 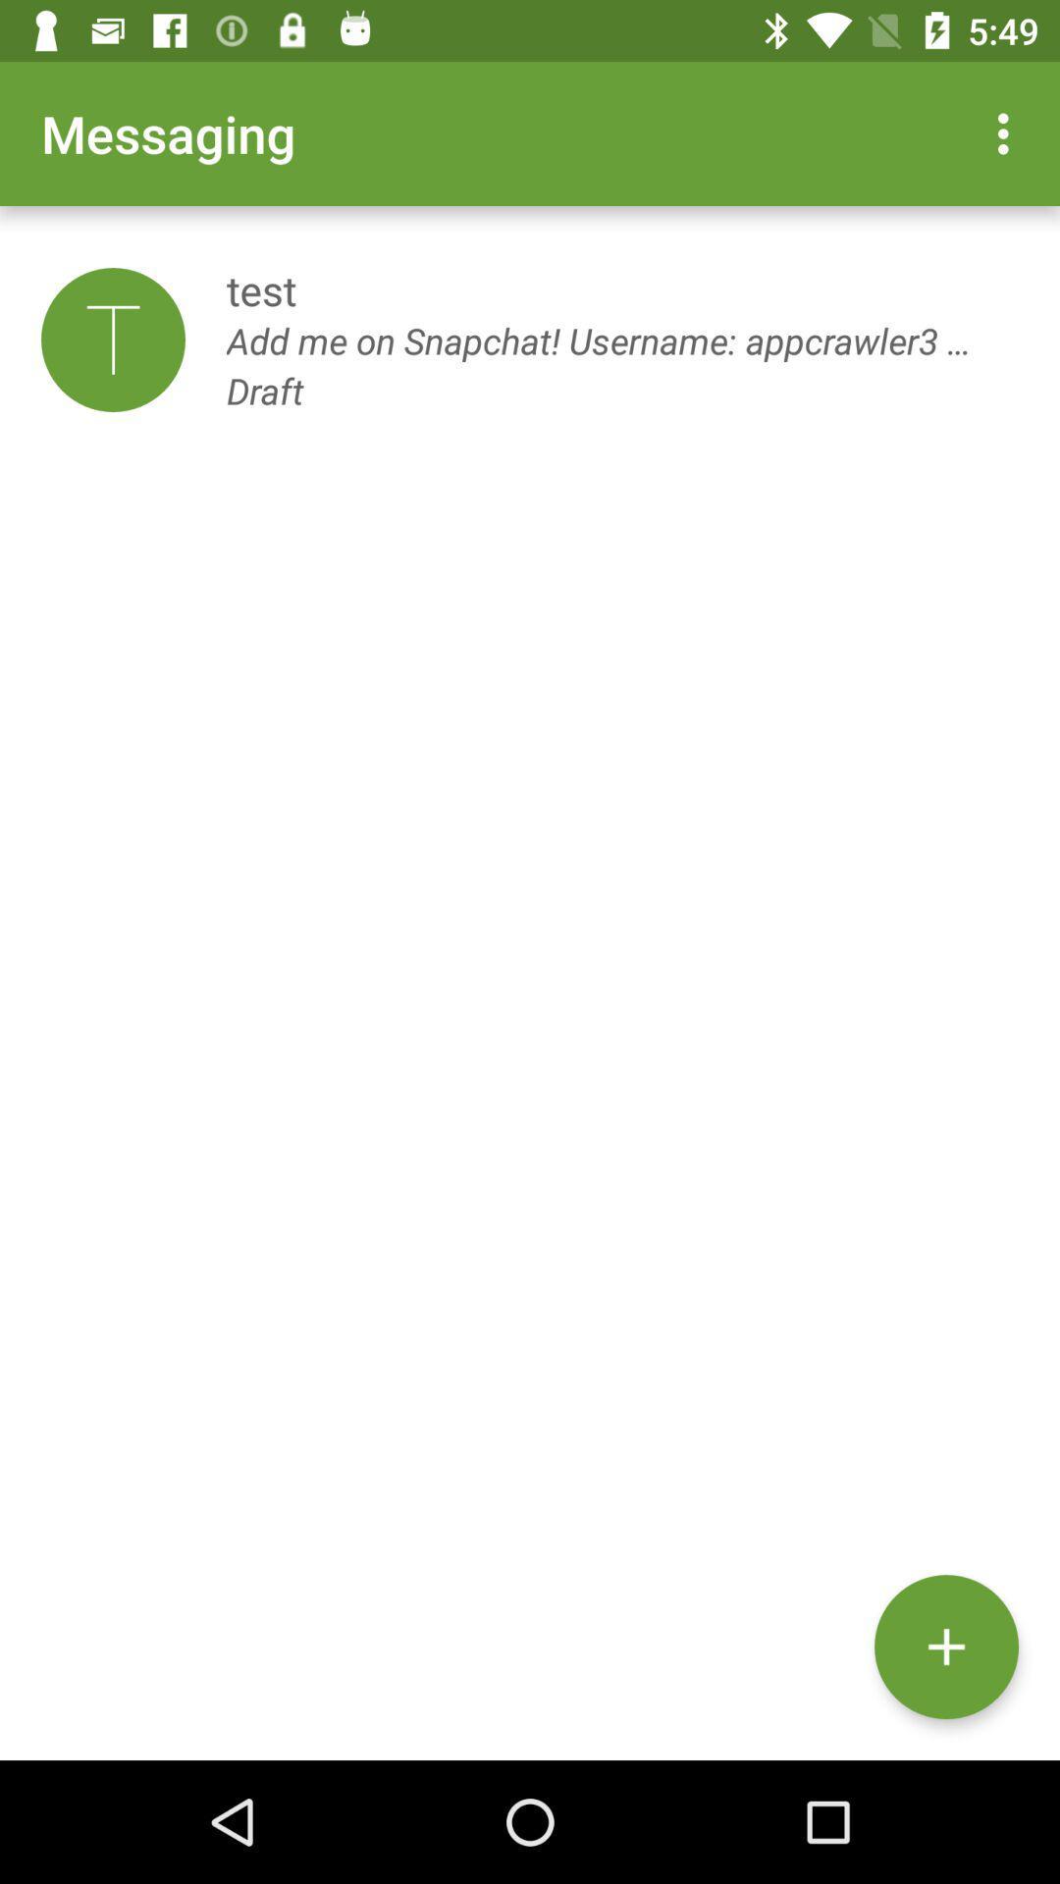 What do you see at coordinates (1008, 132) in the screenshot?
I see `icon next to messaging app` at bounding box center [1008, 132].